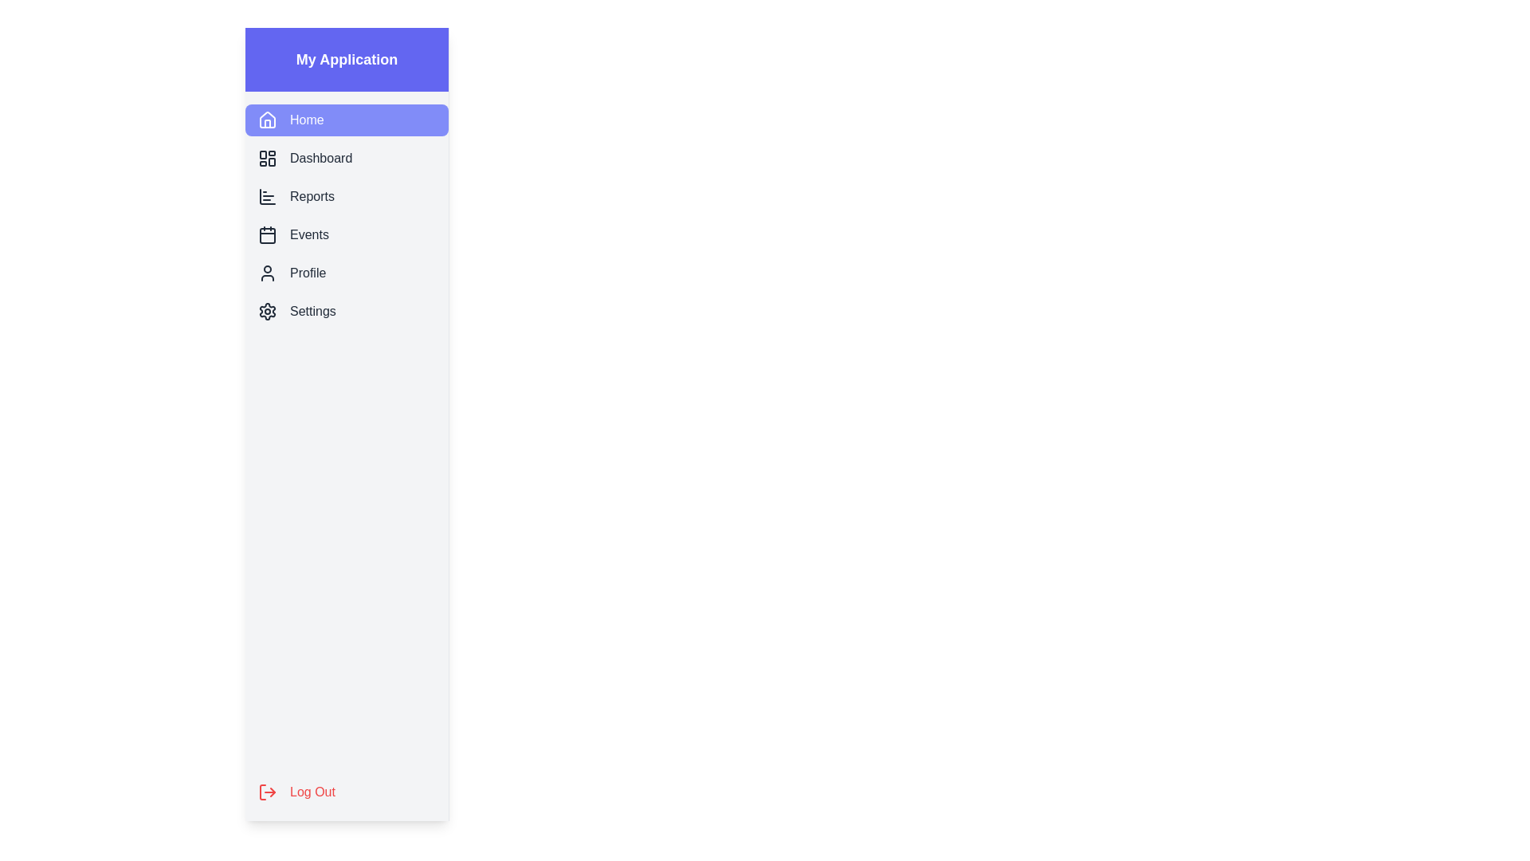  What do you see at coordinates (268, 119) in the screenshot?
I see `the white house icon located to the left of the 'Home' text in the sidebar menu` at bounding box center [268, 119].